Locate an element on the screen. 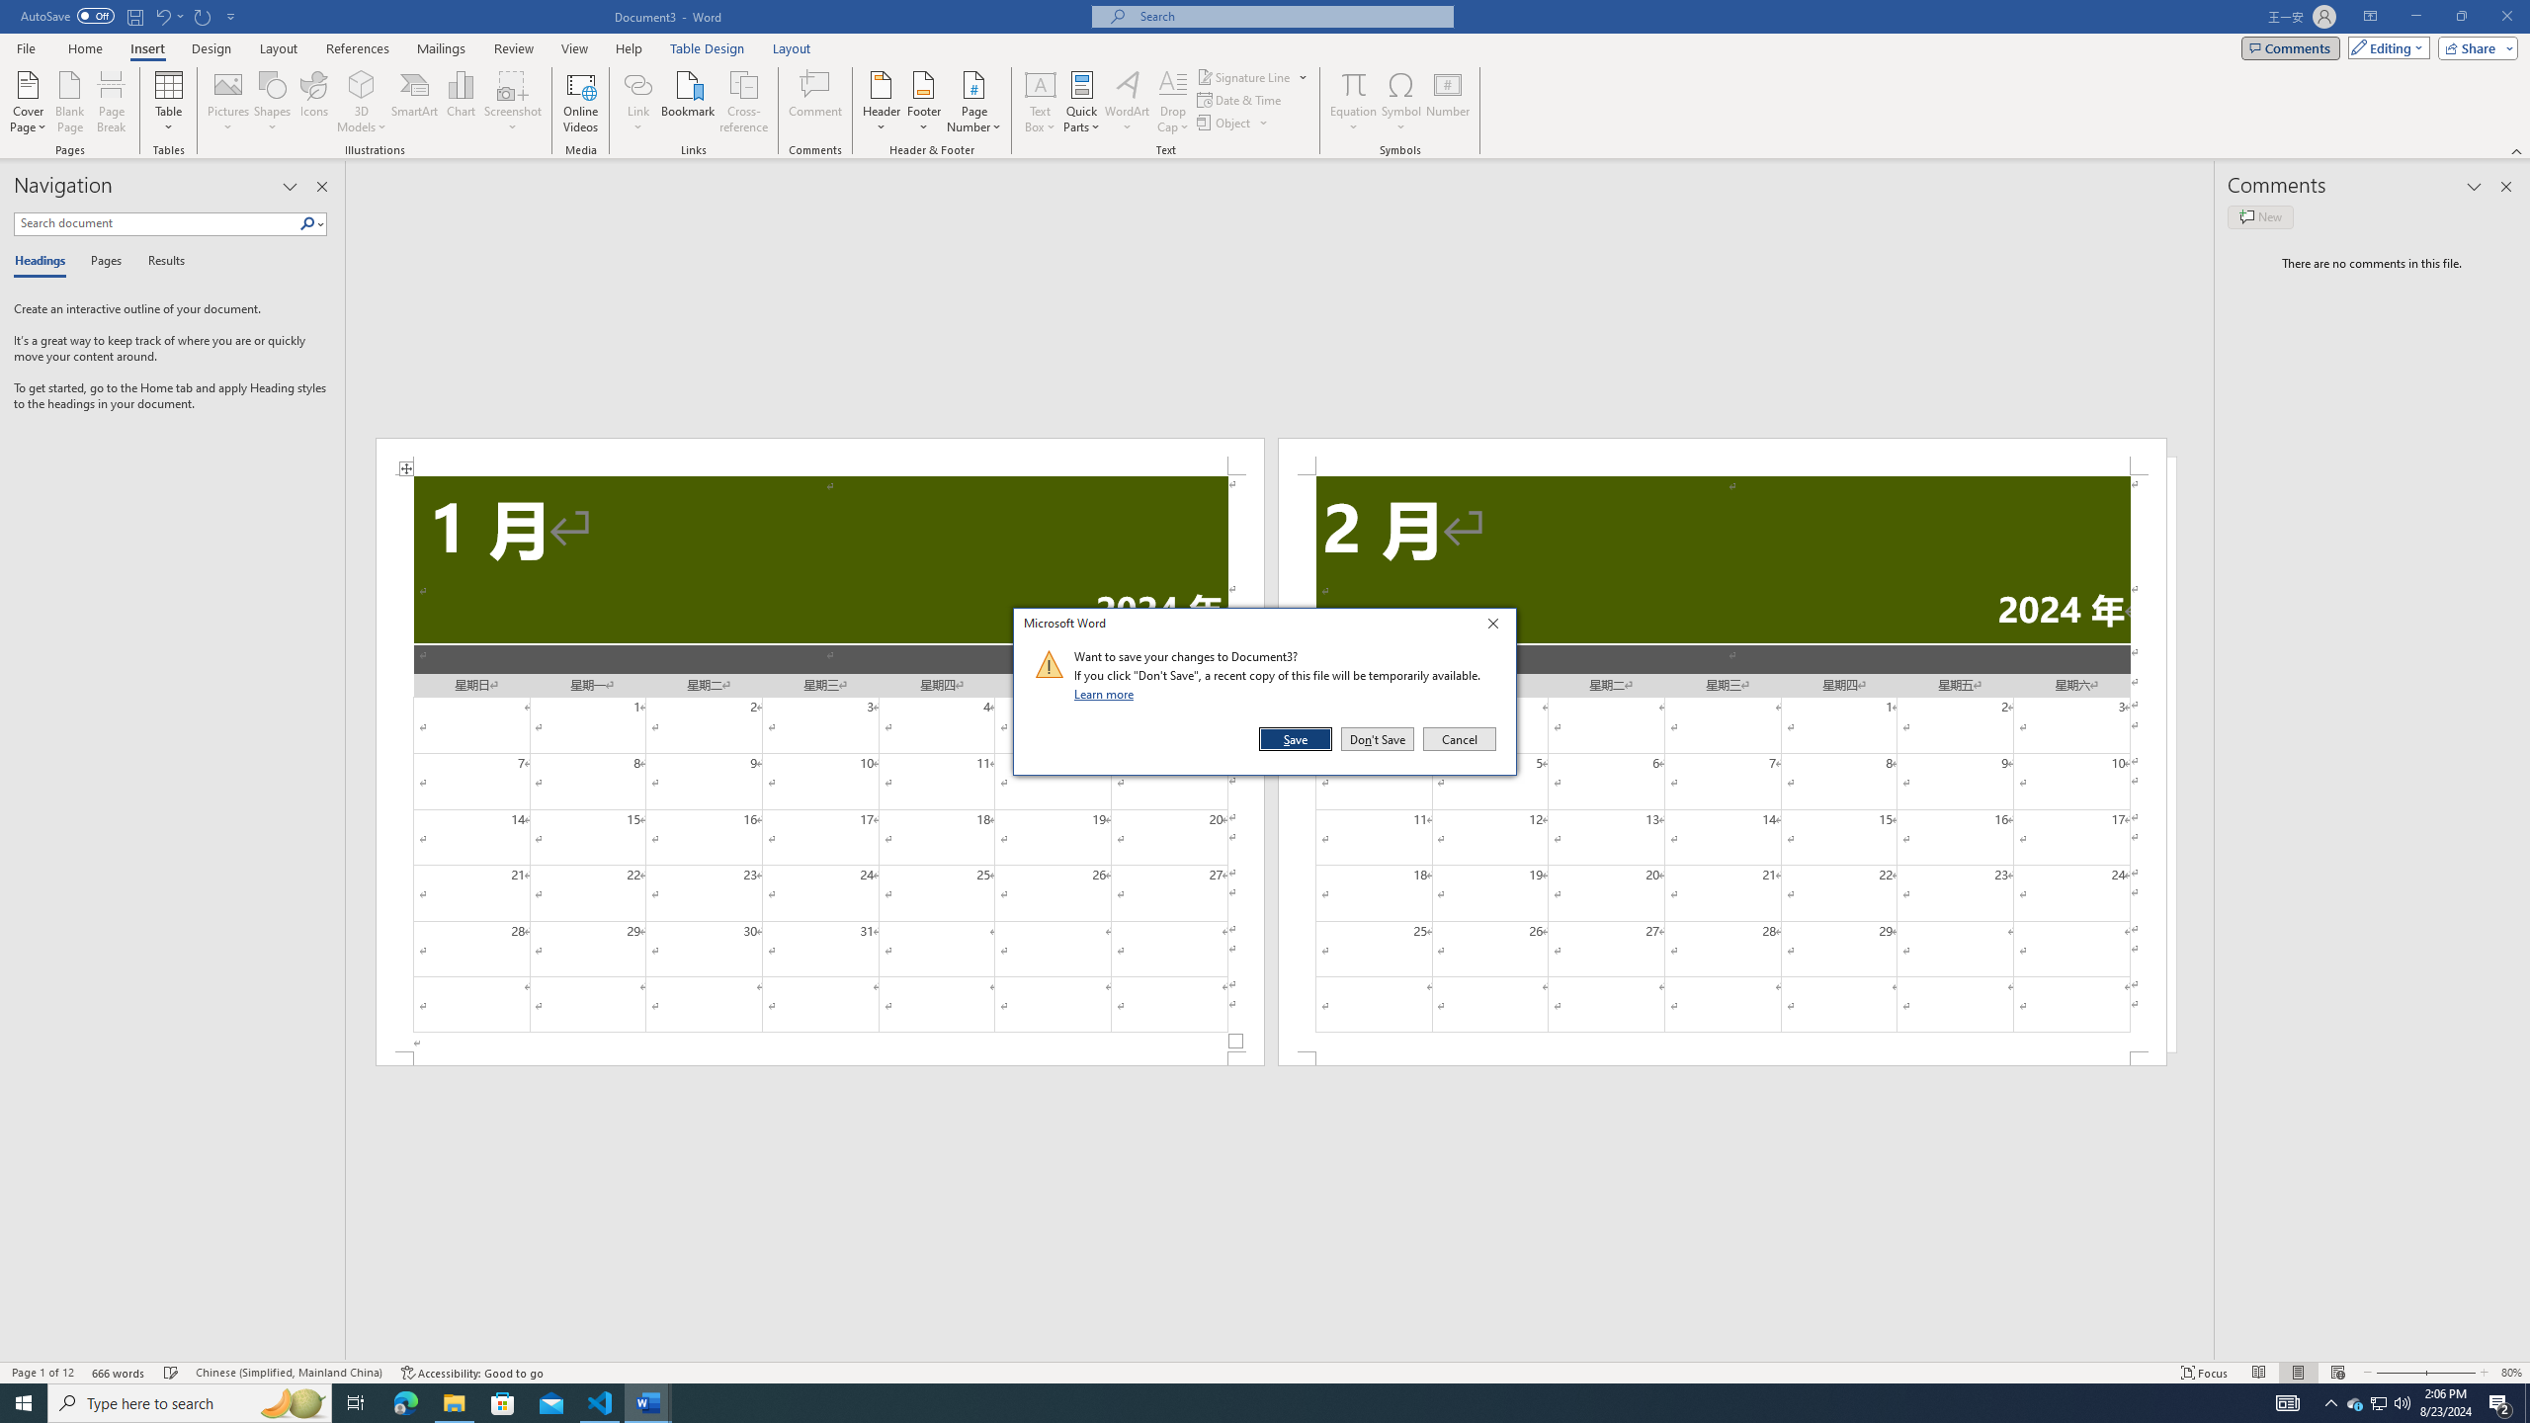 This screenshot has width=2530, height=1423. 'Equation' is located at coordinates (1353, 83).